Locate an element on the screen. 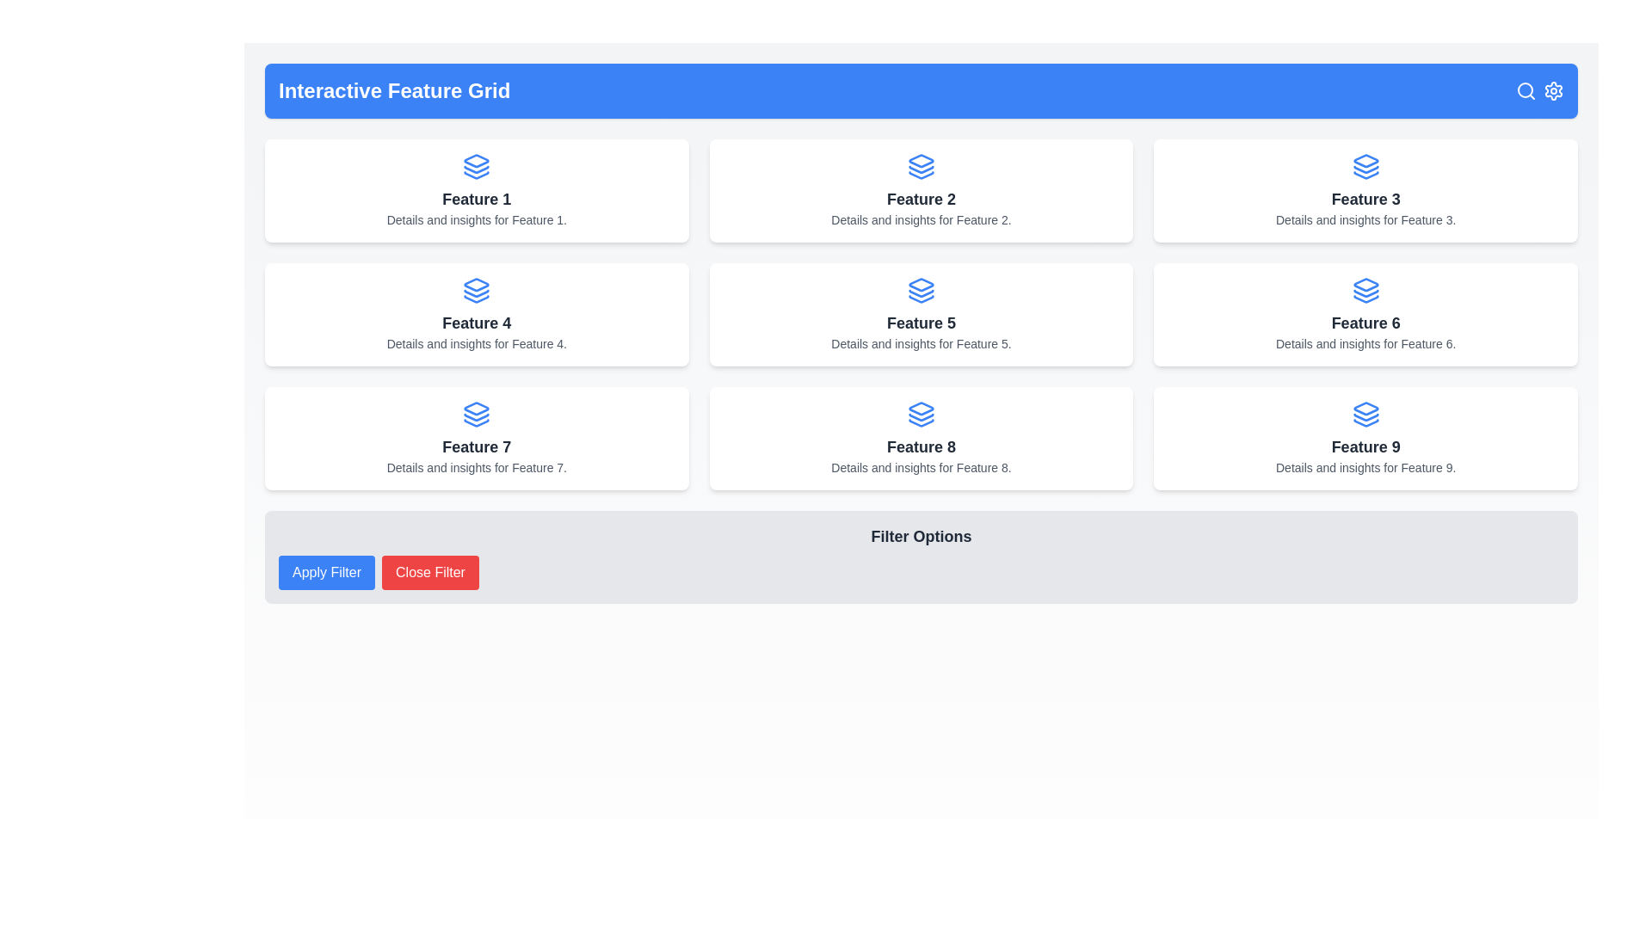  the Text label providing information about 'Feature 4', located within the card associated with this feature is located at coordinates (477, 344).